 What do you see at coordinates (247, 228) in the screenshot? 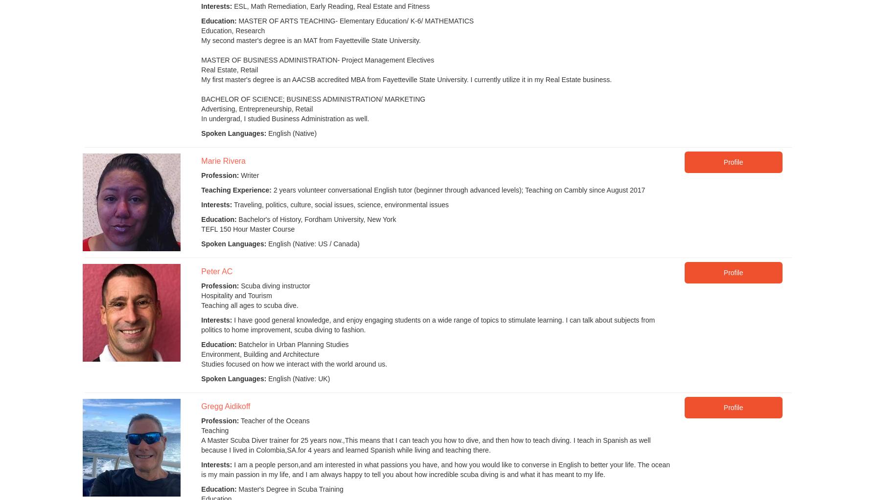
I see `'TEFL 150 Hour Master Course'` at bounding box center [247, 228].